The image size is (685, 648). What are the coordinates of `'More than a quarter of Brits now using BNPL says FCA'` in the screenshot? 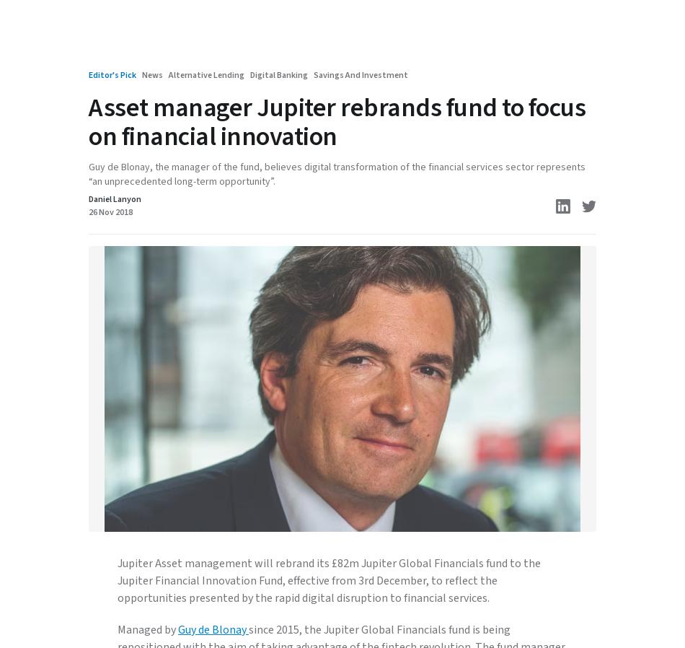 It's located at (270, 74).